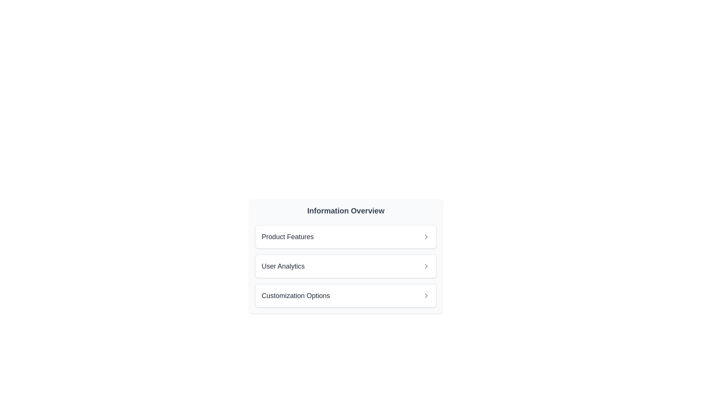  I want to click on rightward-pointing chevron icon, which is light-gray and located at the end of the 'Product Features' list item in the 'Information Overview' section, so click(426, 236).